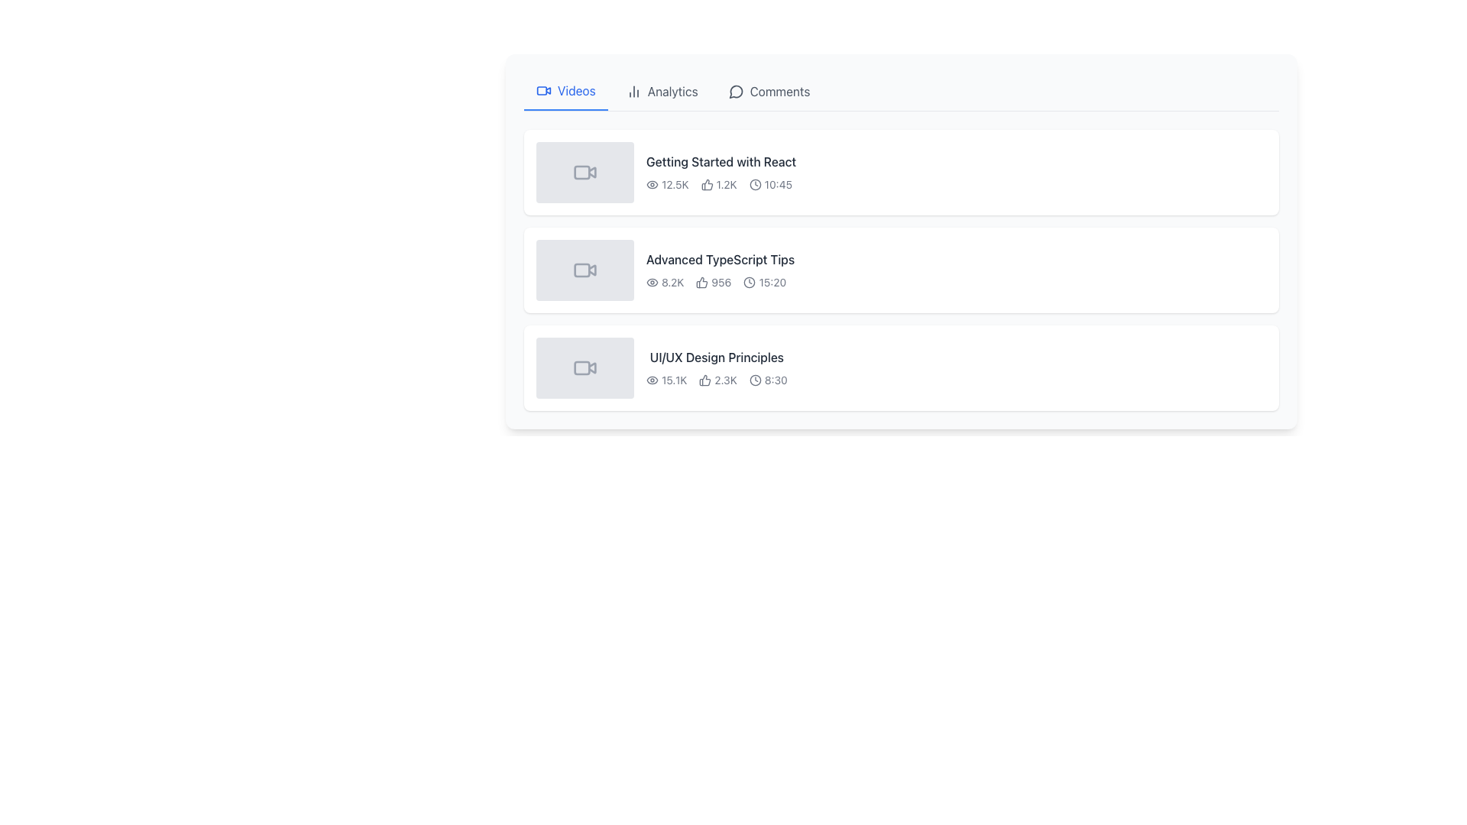  Describe the element at coordinates (653, 379) in the screenshot. I see `the small eye icon that is part of the 'UI/UX Design Principles' row, located to the left of the text '15.1K'` at that location.